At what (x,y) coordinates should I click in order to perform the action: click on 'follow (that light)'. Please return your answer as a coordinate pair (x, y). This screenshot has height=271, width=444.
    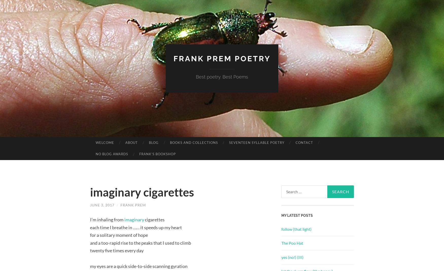
    Looking at the image, I should click on (296, 229).